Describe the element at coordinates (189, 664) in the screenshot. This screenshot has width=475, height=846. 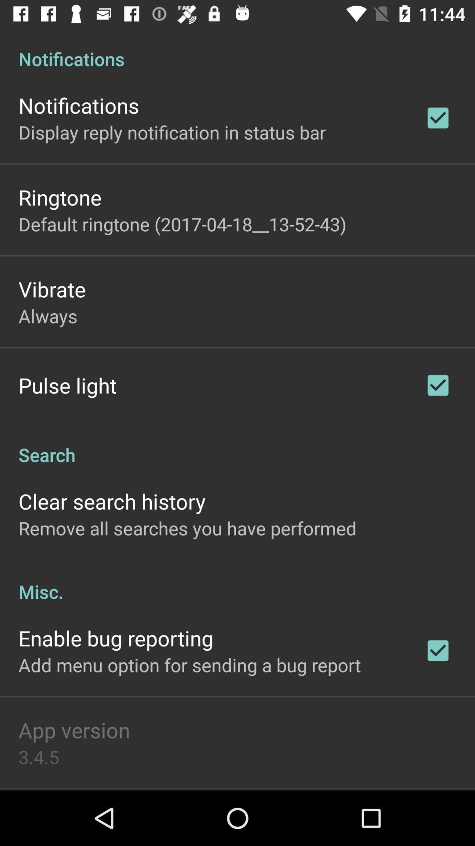
I see `the add menu option` at that location.